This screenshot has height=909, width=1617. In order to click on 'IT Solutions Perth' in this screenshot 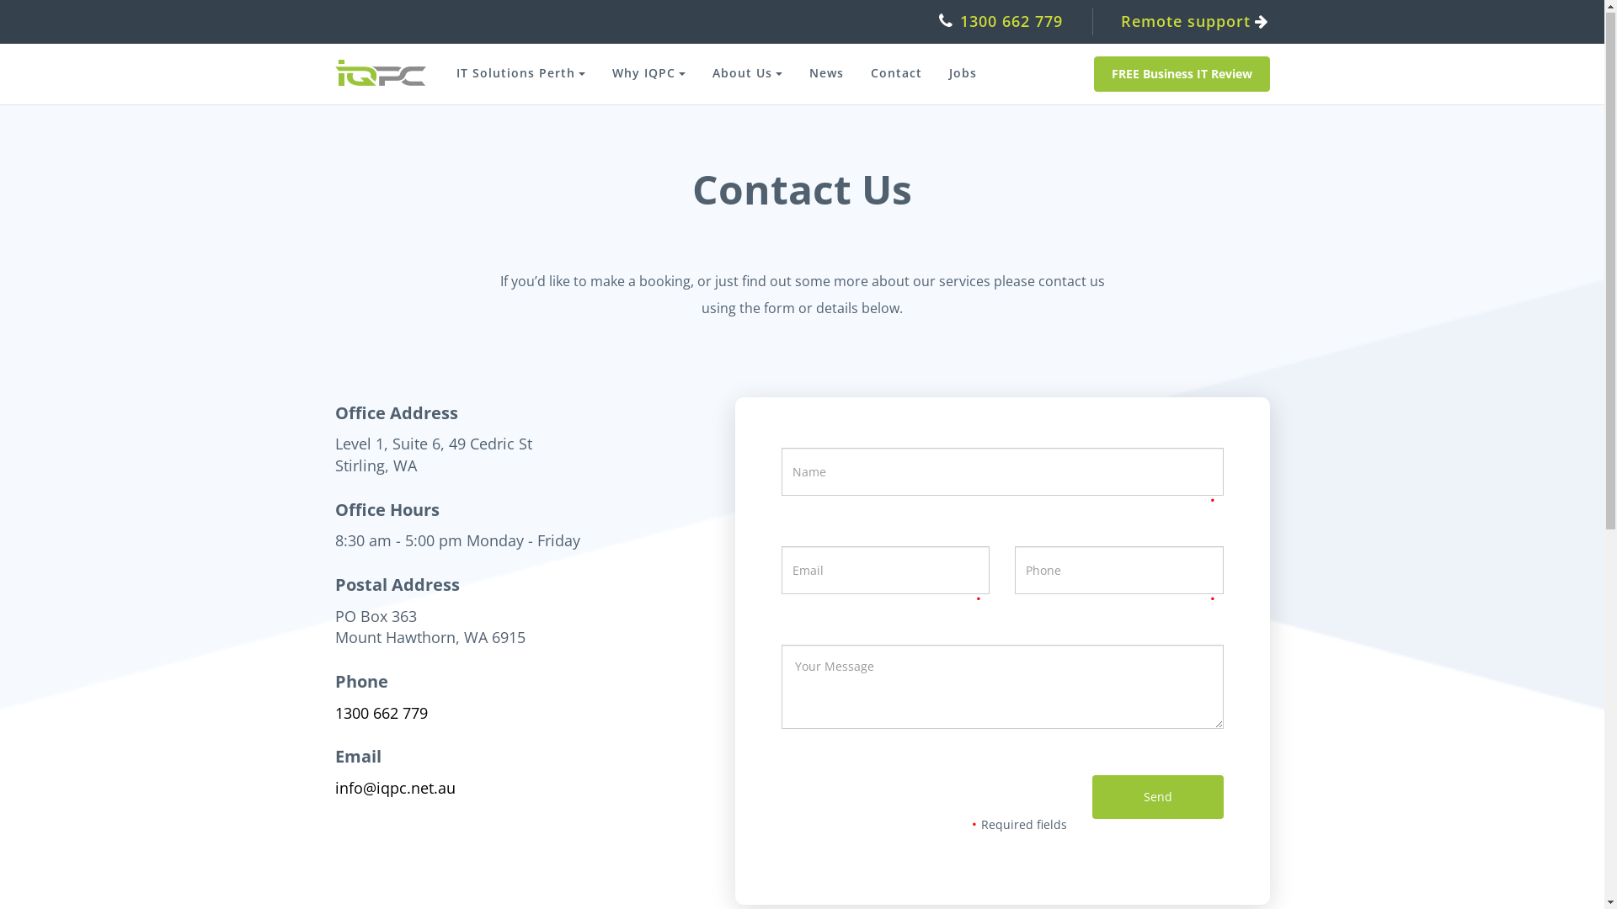, I will do `click(520, 73)`.